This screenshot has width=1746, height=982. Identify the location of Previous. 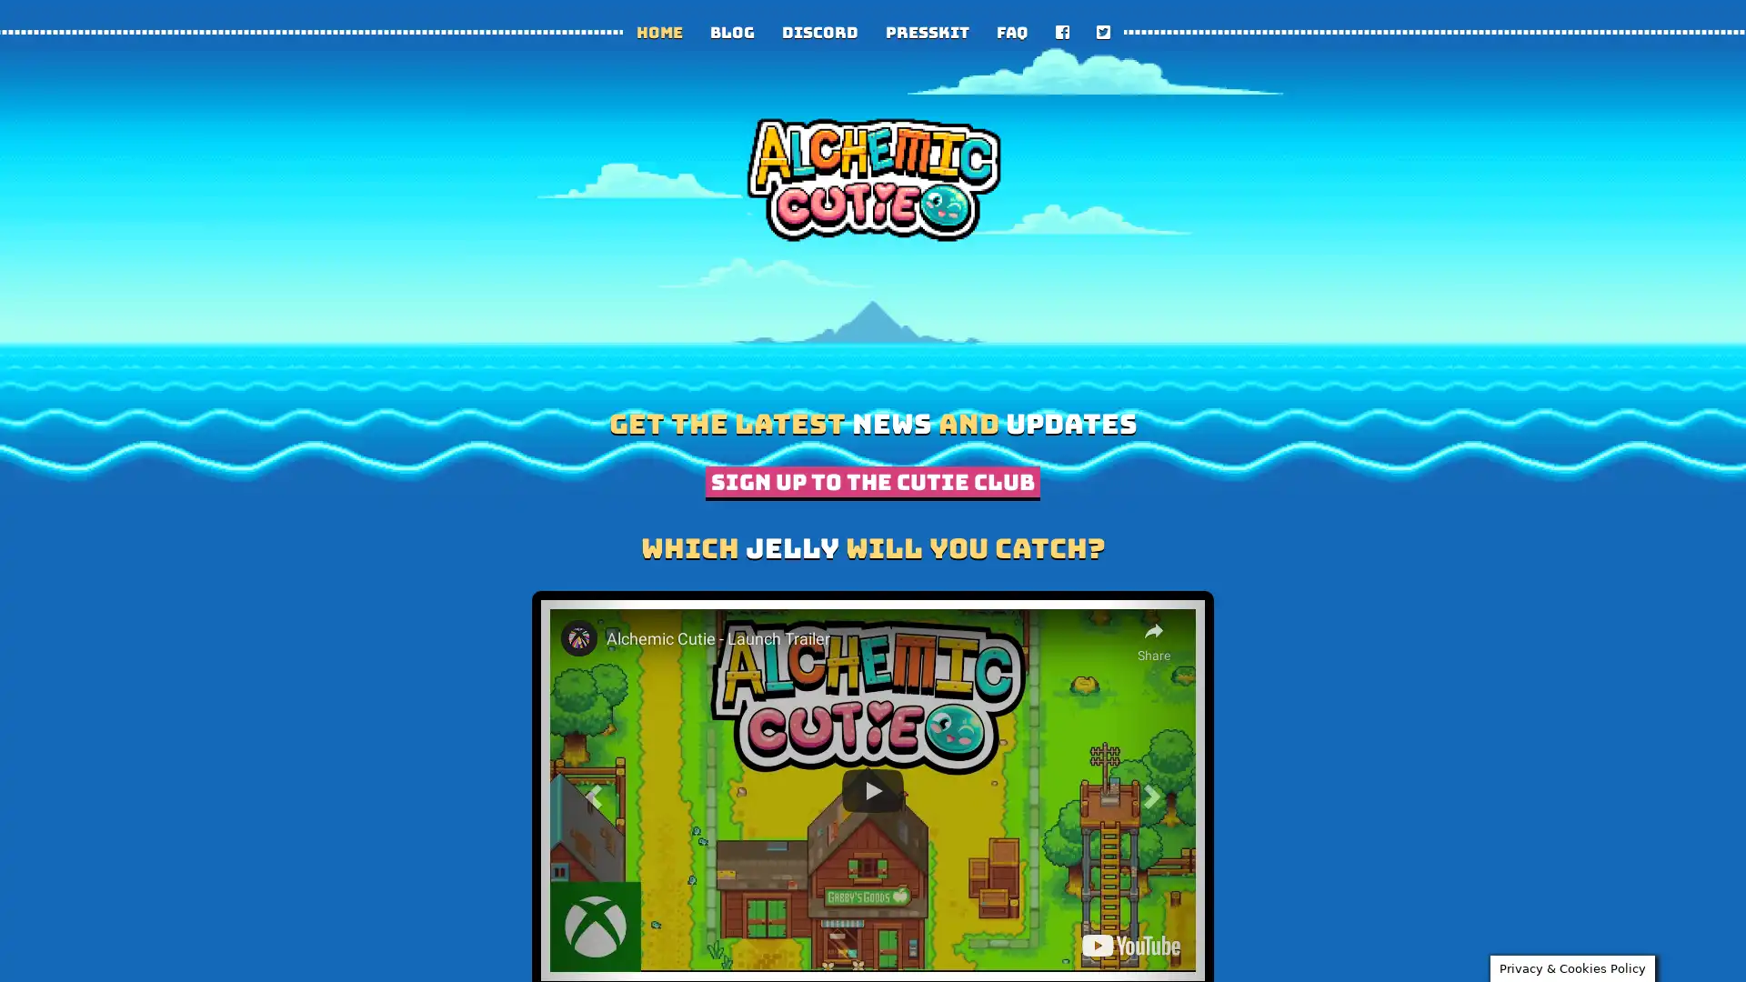
(590, 789).